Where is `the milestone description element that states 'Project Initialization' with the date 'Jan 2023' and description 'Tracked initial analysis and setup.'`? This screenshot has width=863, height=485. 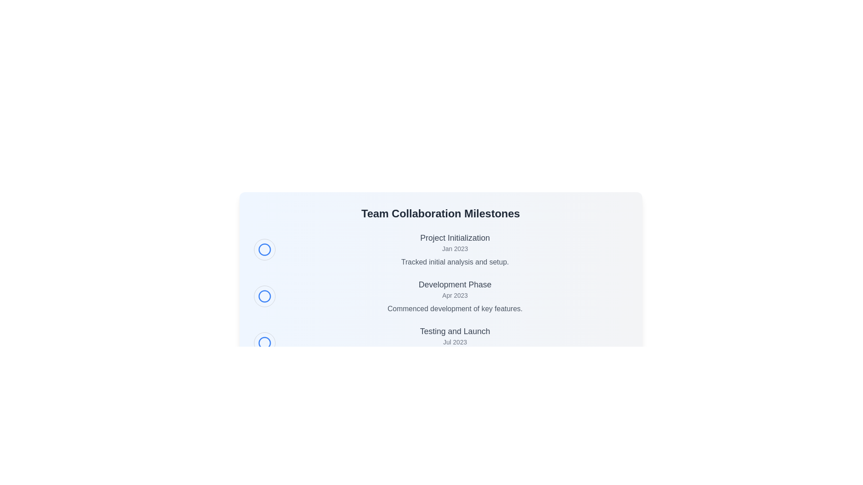 the milestone description element that states 'Project Initialization' with the date 'Jan 2023' and description 'Tracked initial analysis and setup.' is located at coordinates (455, 249).